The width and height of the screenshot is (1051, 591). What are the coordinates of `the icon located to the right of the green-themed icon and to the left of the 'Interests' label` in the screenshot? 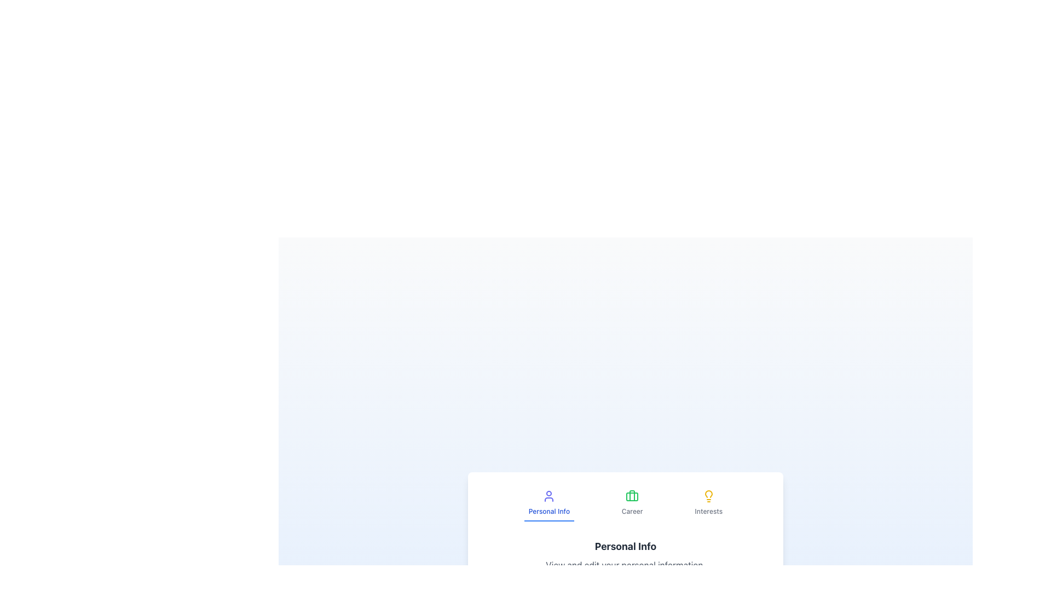 It's located at (708, 494).